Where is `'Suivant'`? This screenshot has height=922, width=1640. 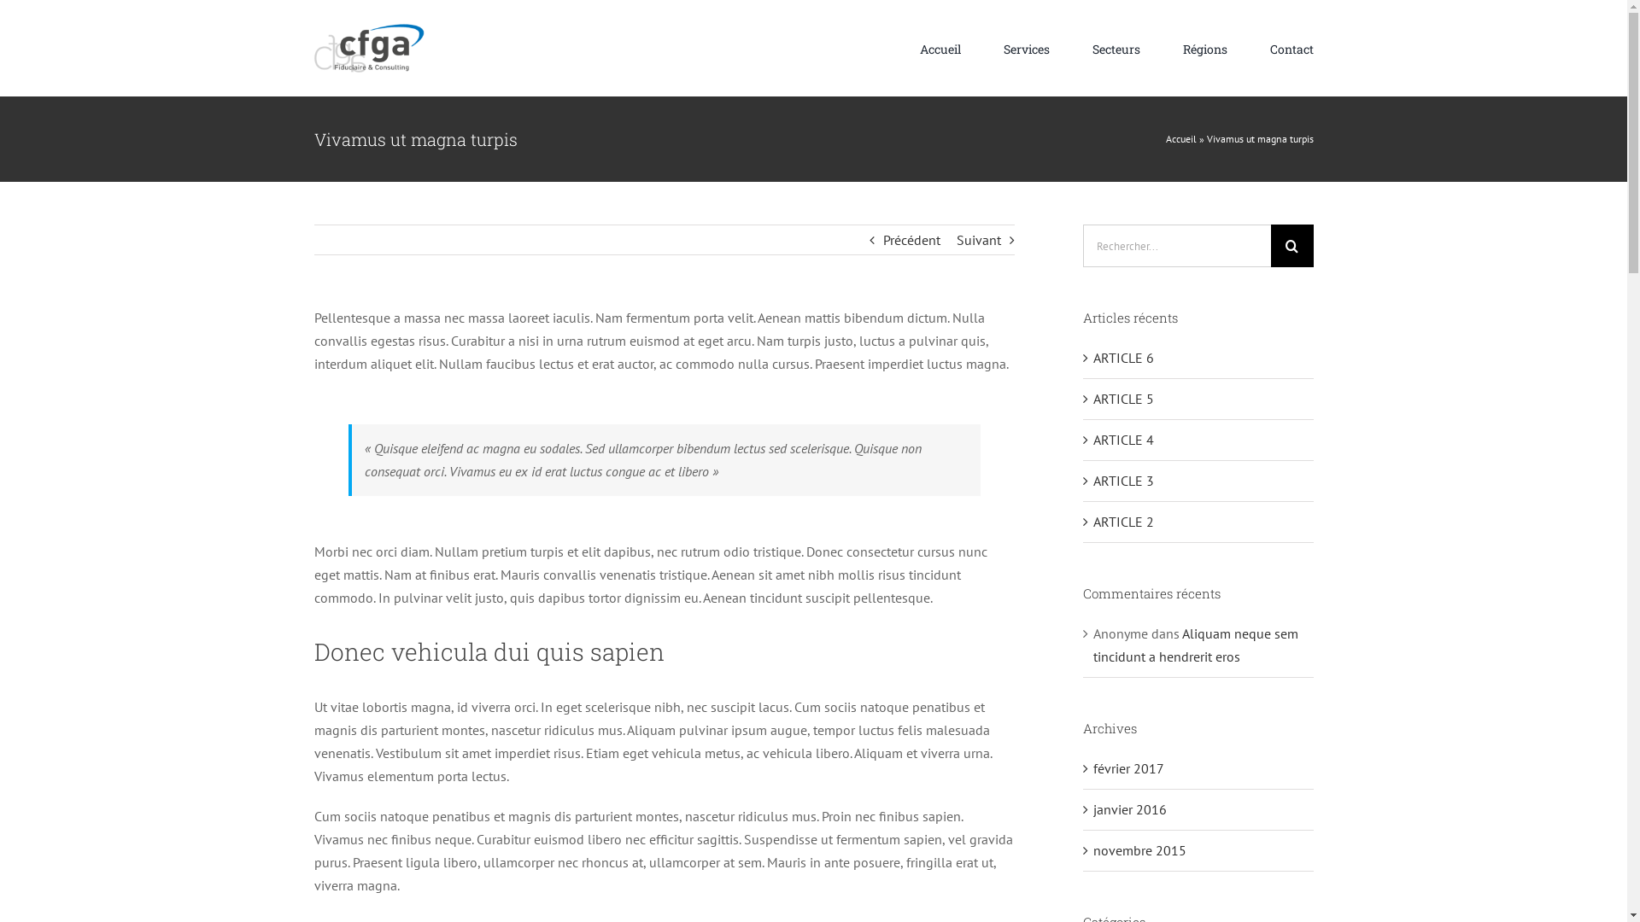
'Suivant' is located at coordinates (955, 240).